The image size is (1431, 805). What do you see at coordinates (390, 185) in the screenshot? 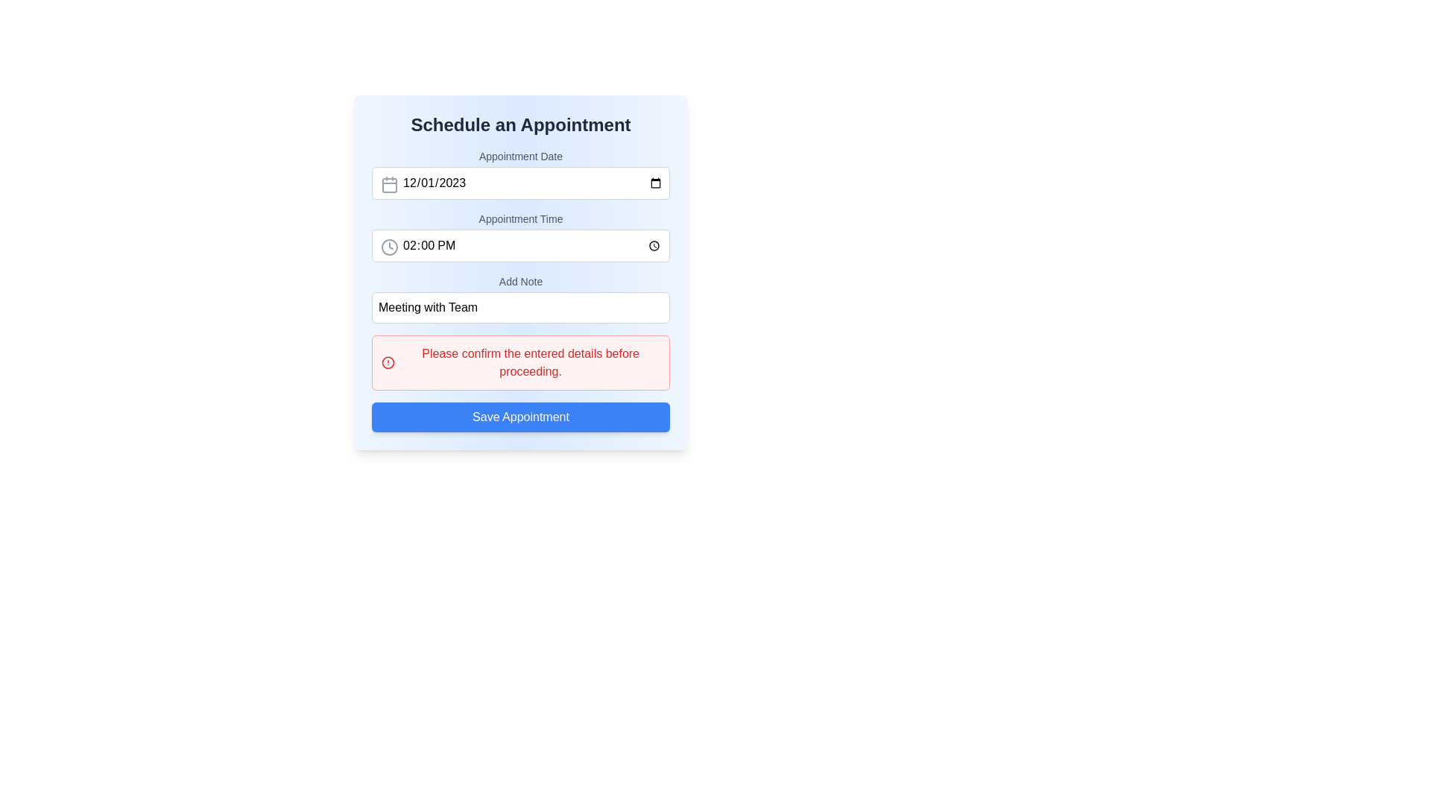
I see `the interior rectangular part of the gray calendar icon located to the left of the 'Appointment Date' section` at bounding box center [390, 185].